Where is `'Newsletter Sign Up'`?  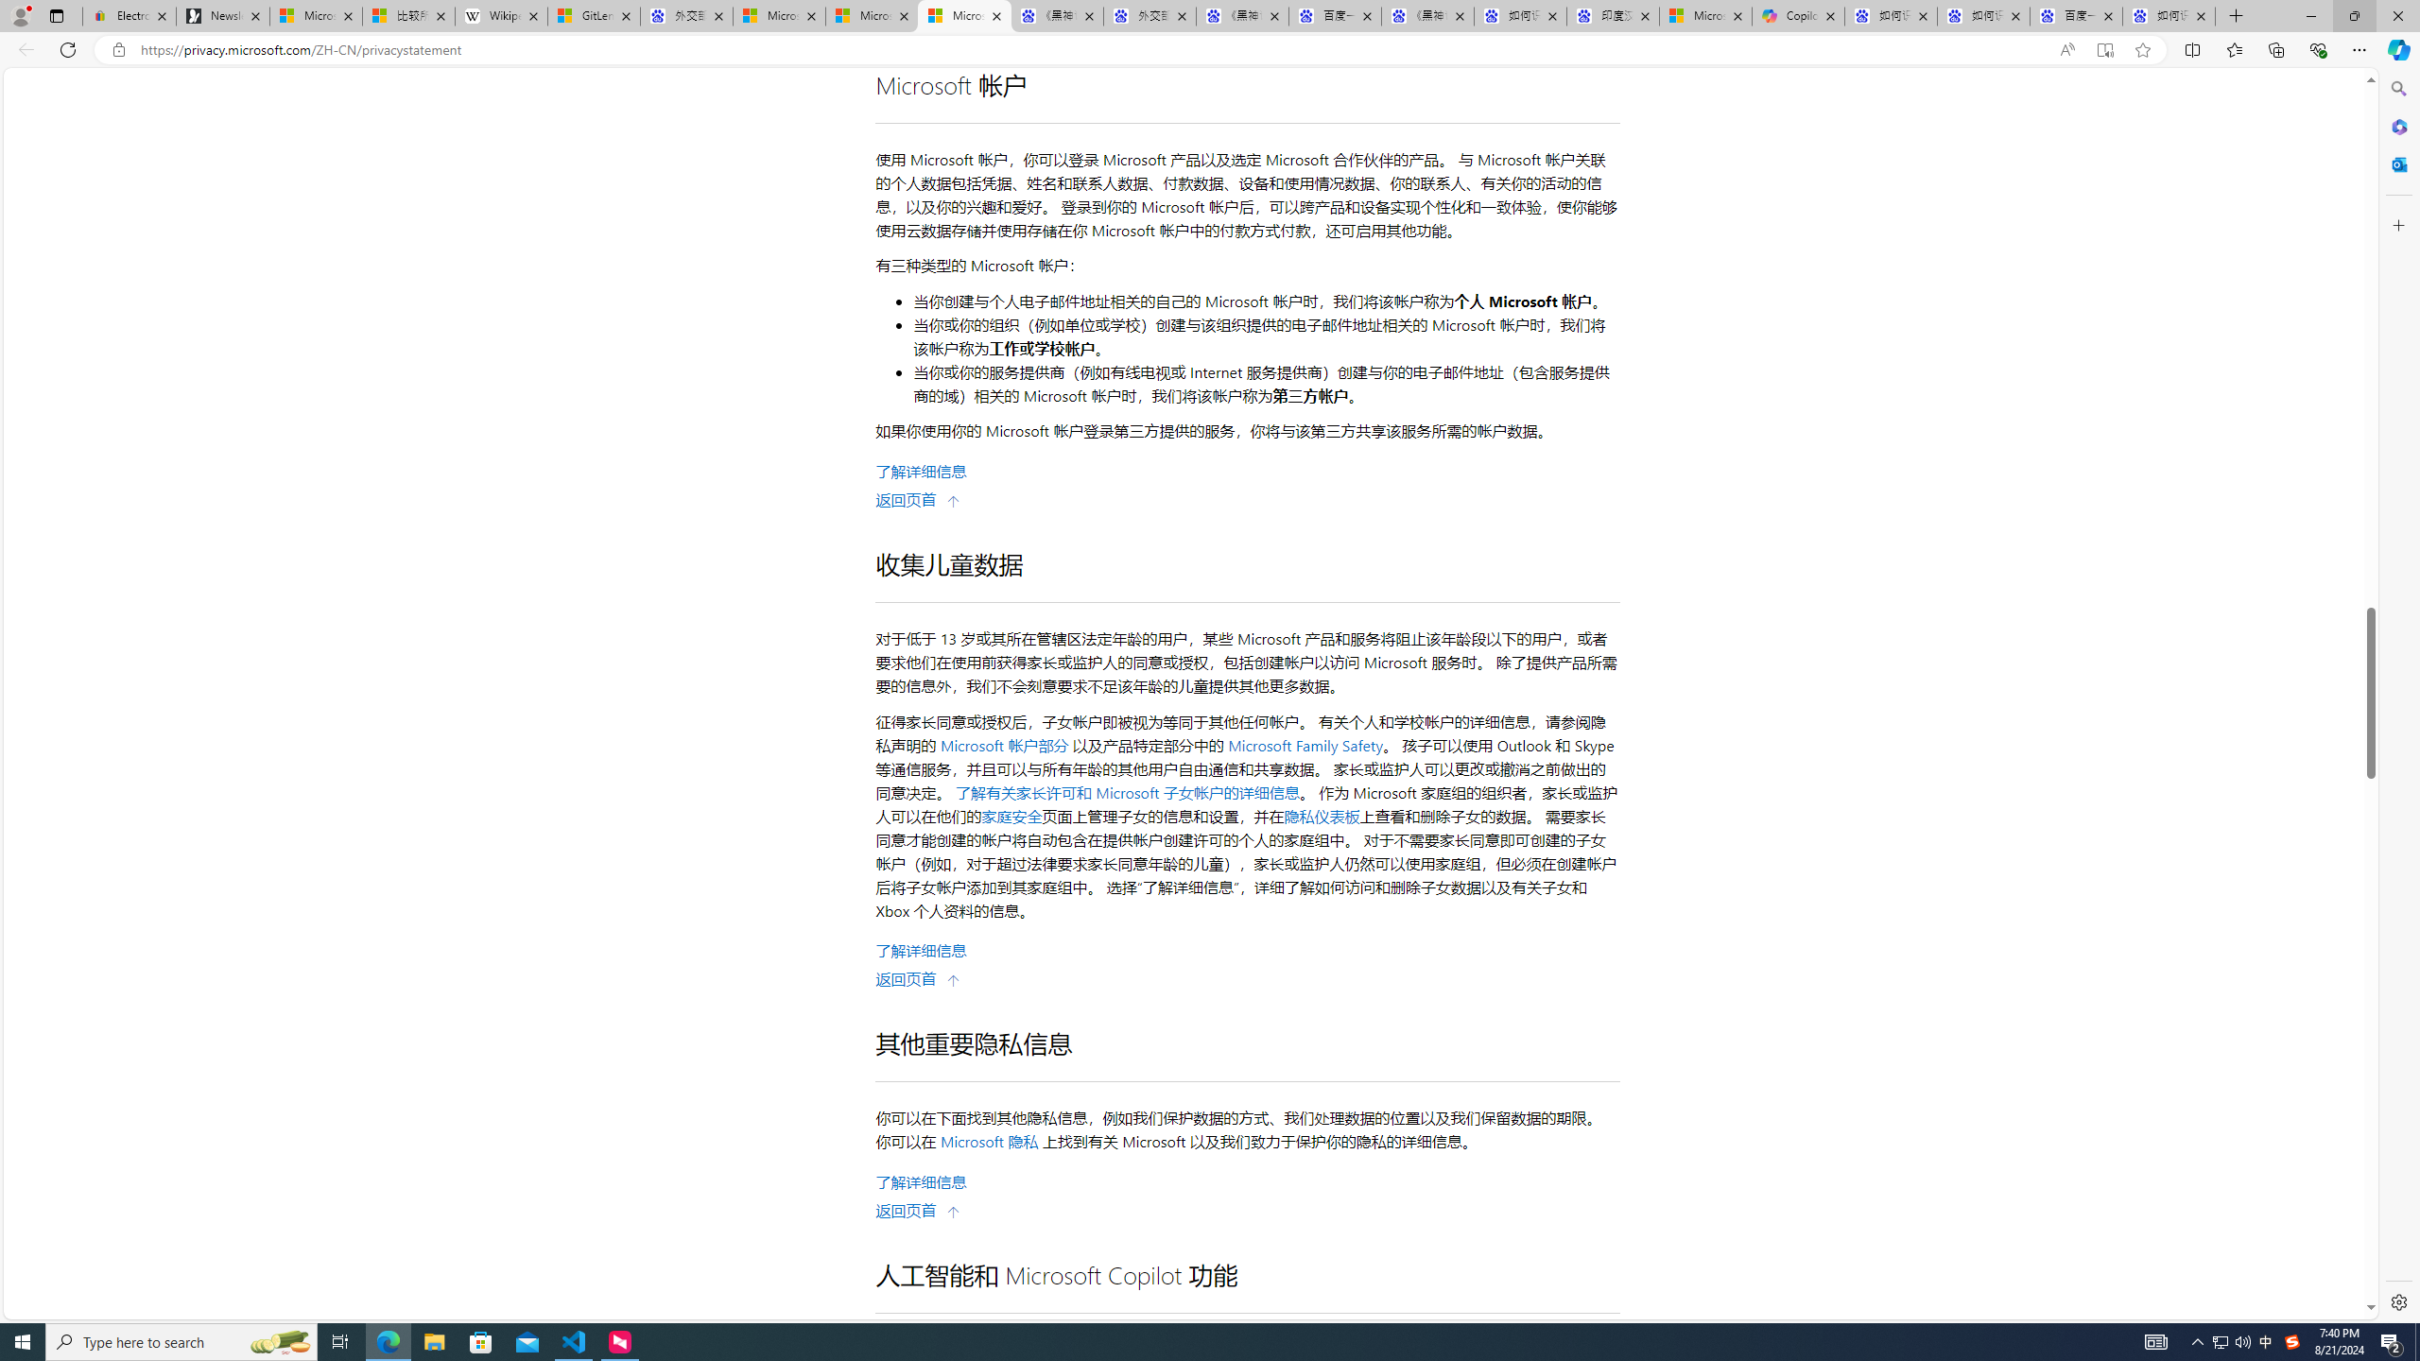
'Newsletter Sign Up' is located at coordinates (223, 15).